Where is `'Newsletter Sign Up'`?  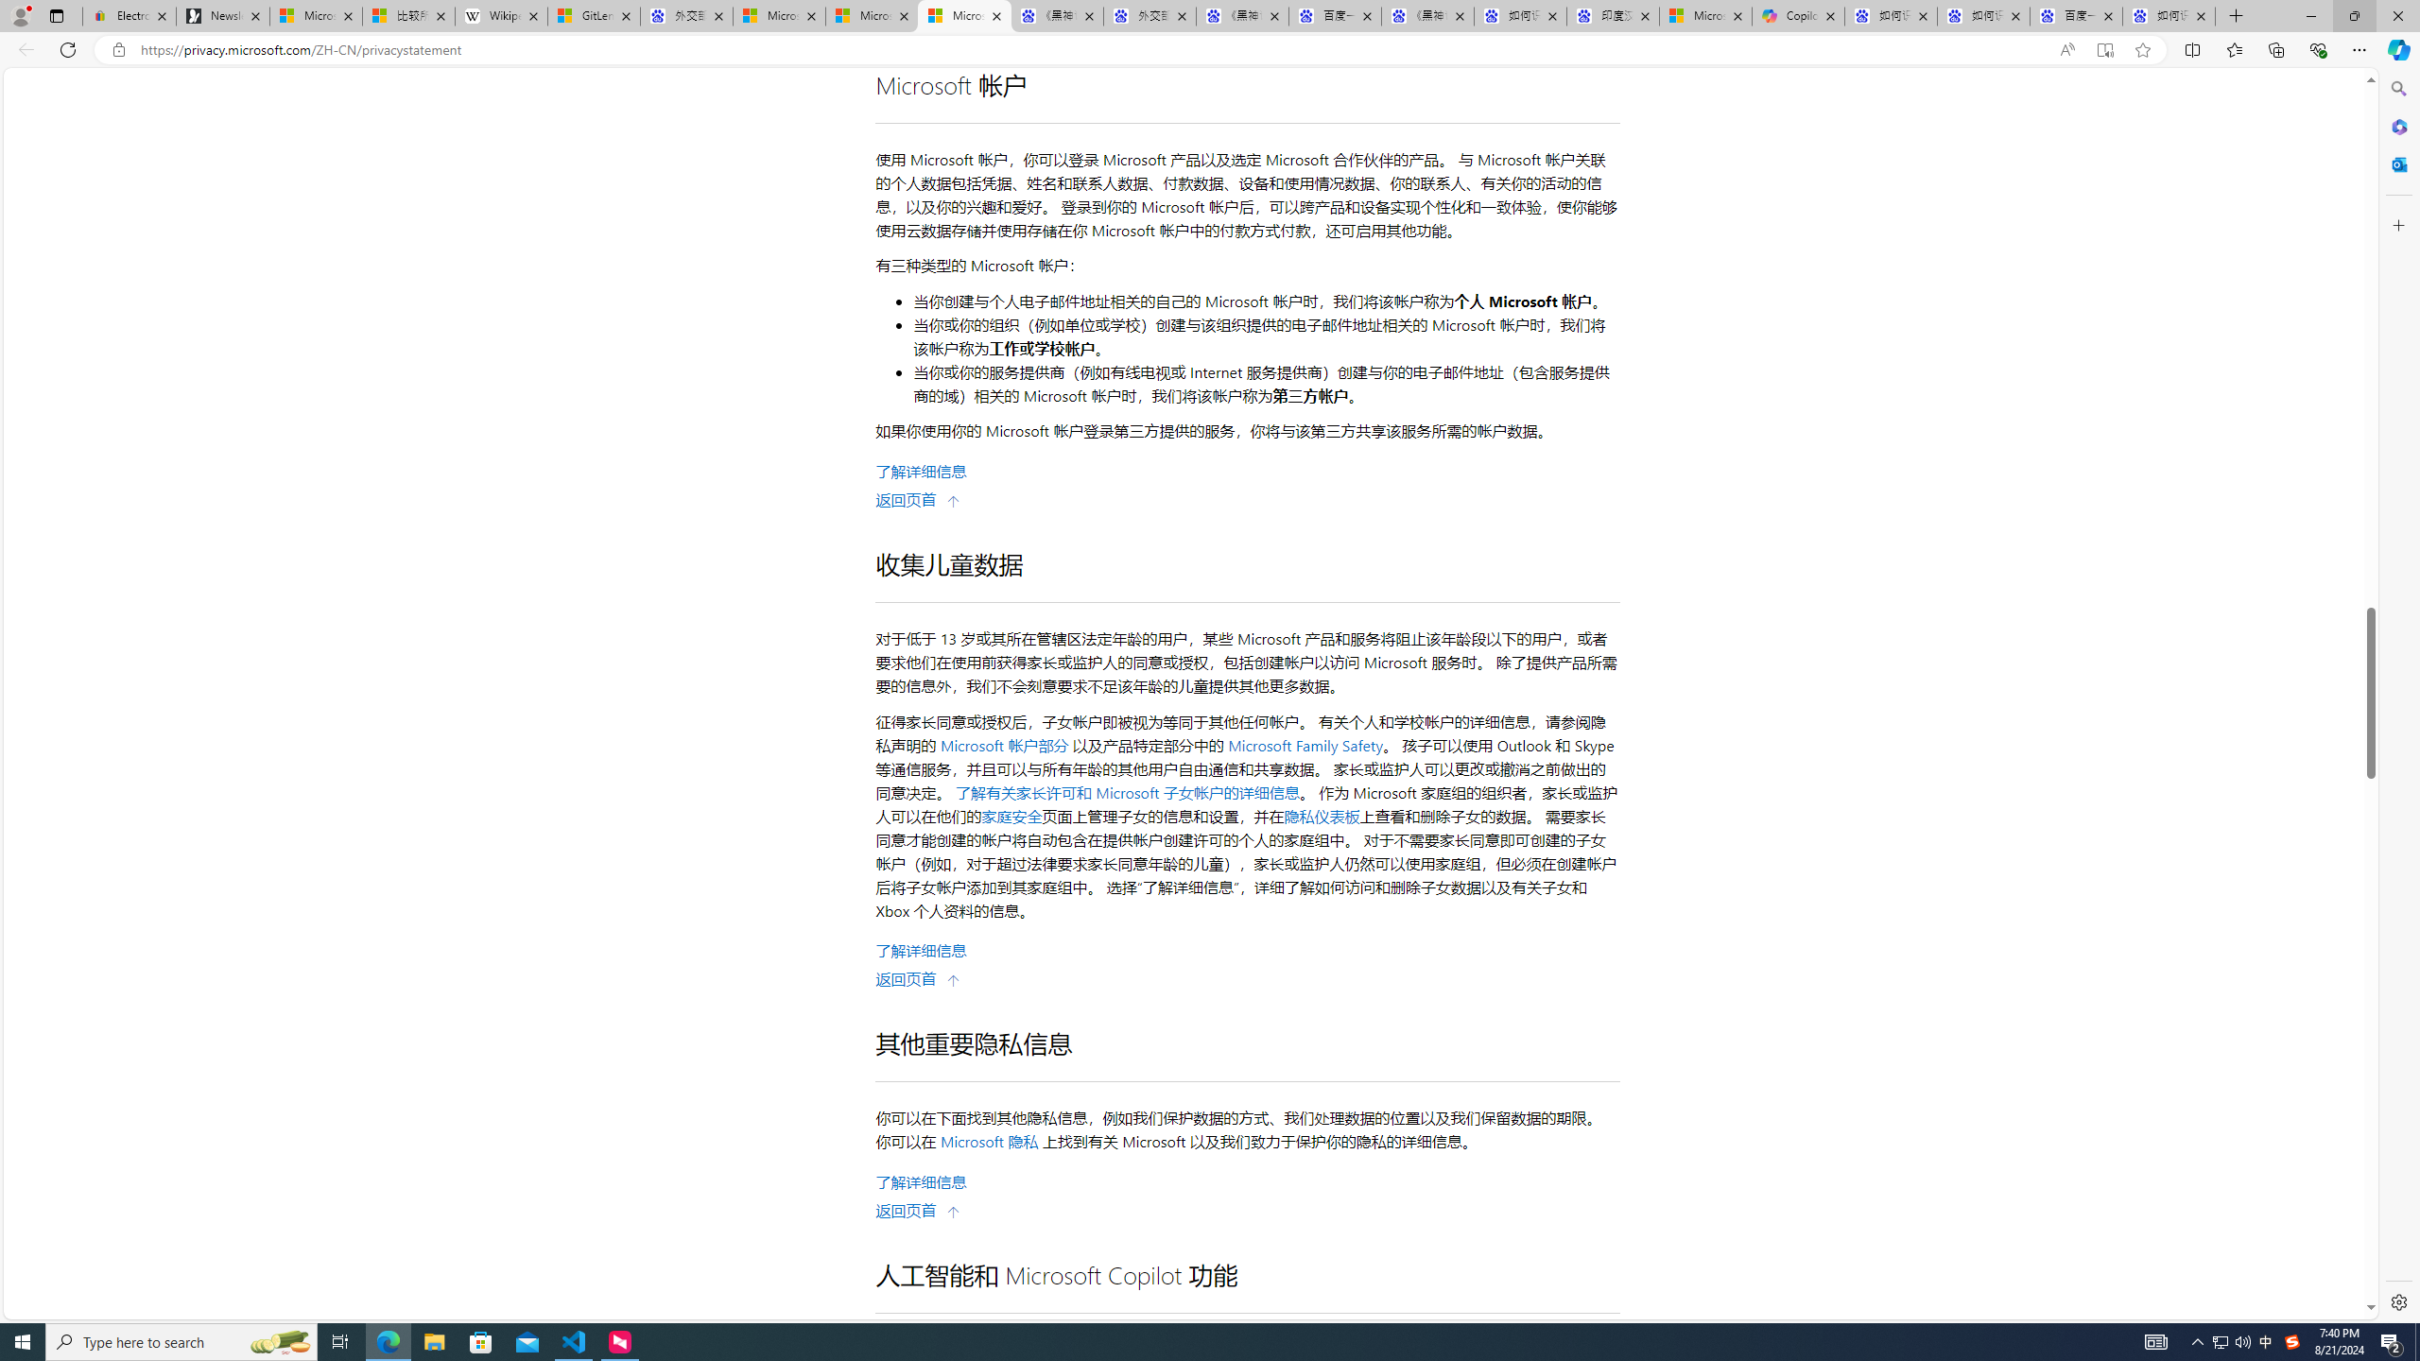
'Newsletter Sign Up' is located at coordinates (223, 15).